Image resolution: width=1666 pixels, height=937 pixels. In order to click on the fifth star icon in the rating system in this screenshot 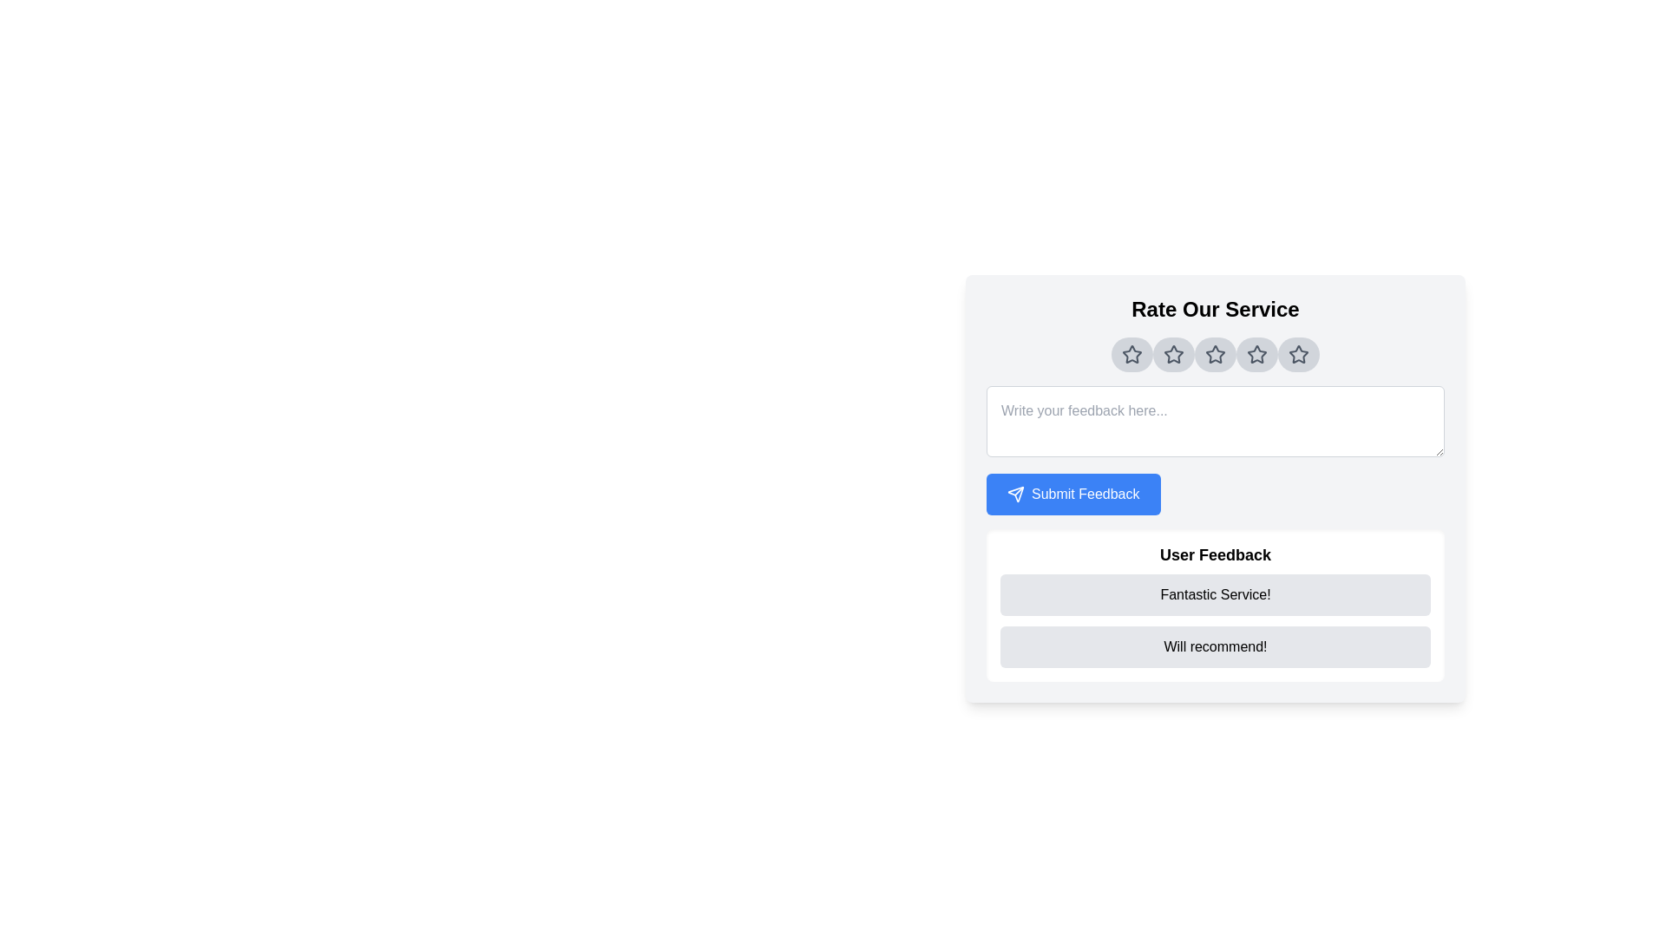, I will do `click(1298, 353)`.